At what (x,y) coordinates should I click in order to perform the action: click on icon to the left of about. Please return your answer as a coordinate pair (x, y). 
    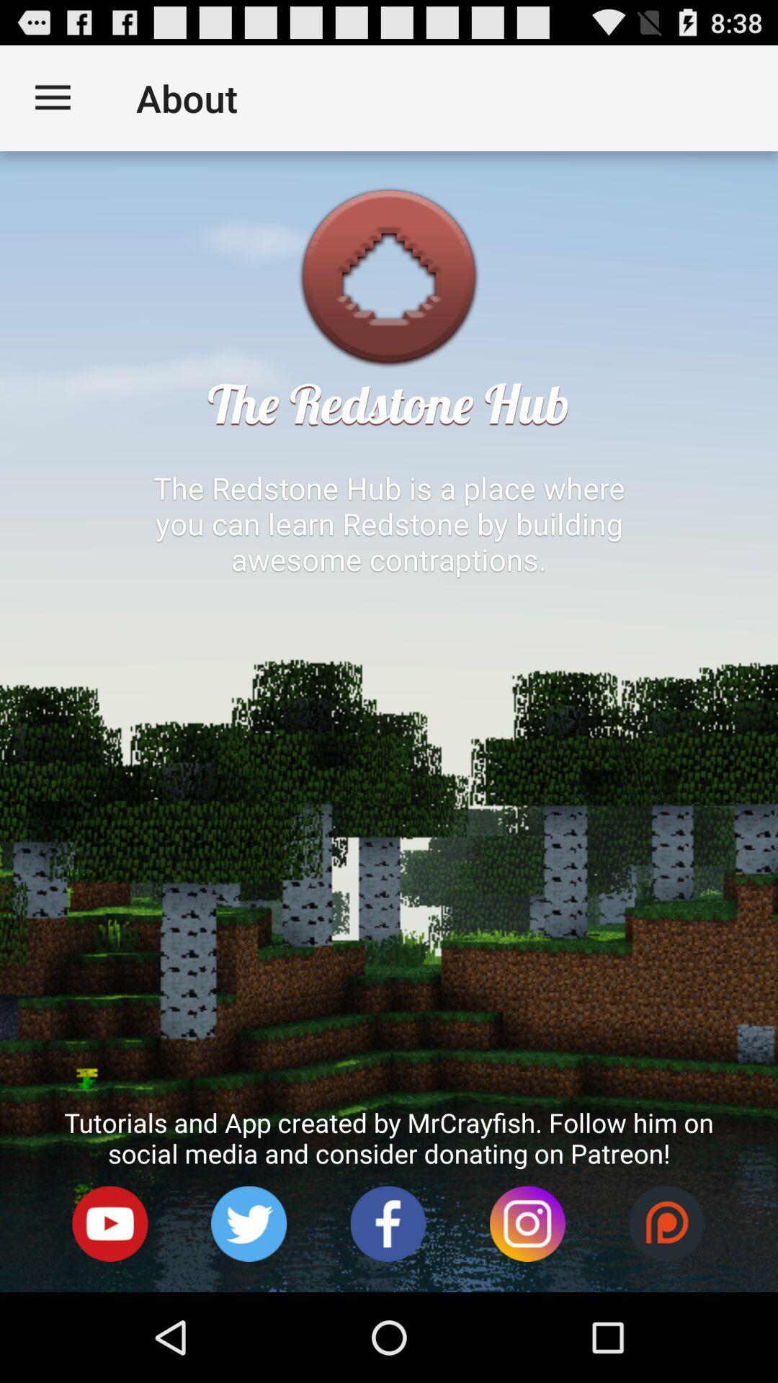
    Looking at the image, I should click on (52, 97).